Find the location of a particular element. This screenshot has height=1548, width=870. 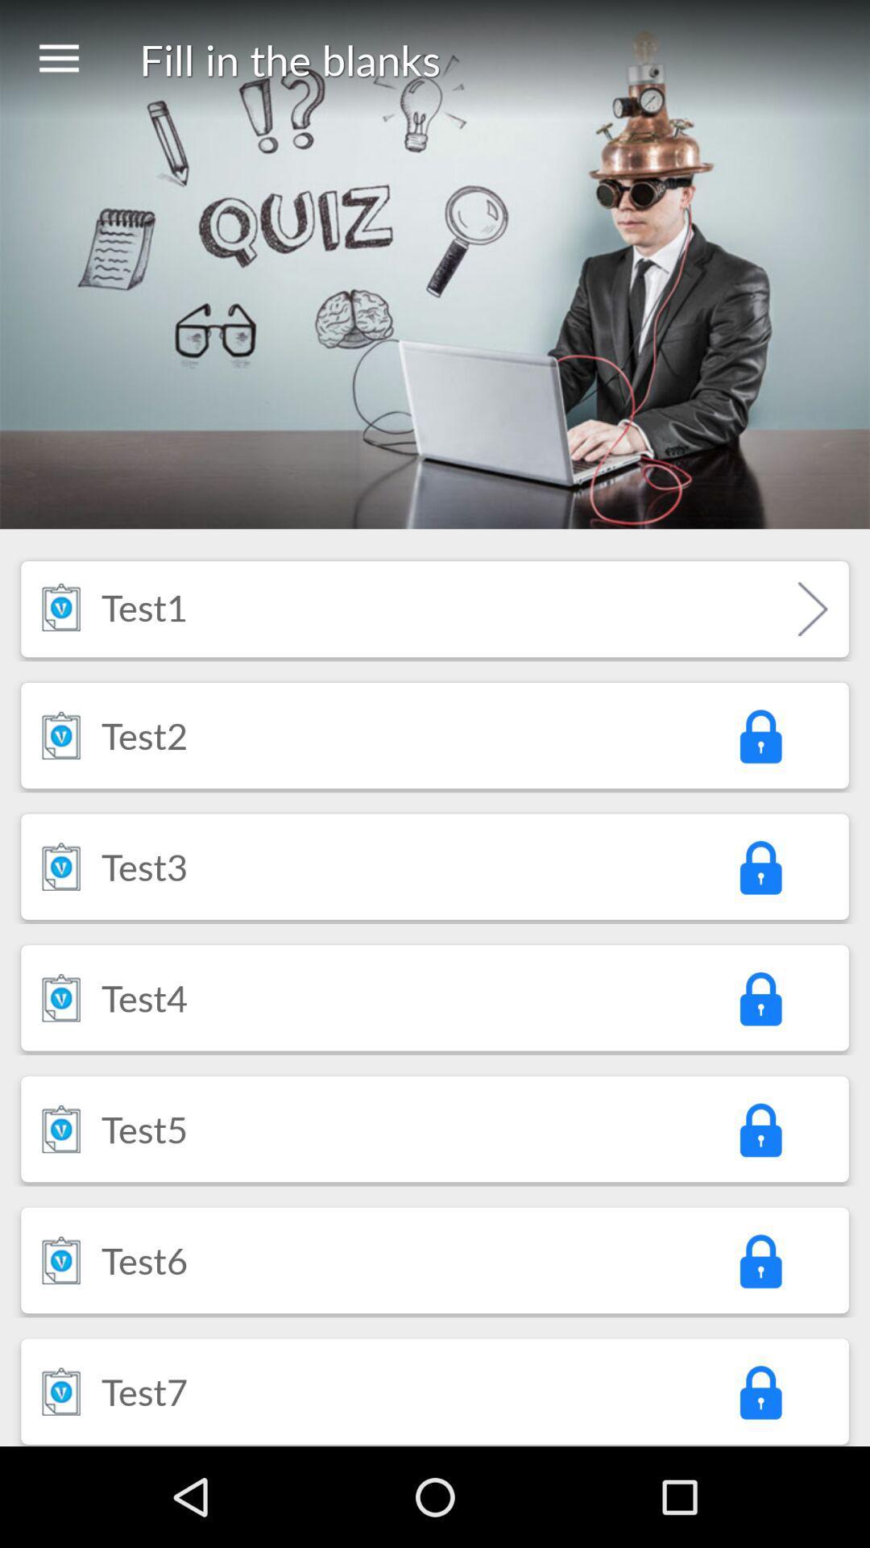

the item above test3 is located at coordinates (143, 734).